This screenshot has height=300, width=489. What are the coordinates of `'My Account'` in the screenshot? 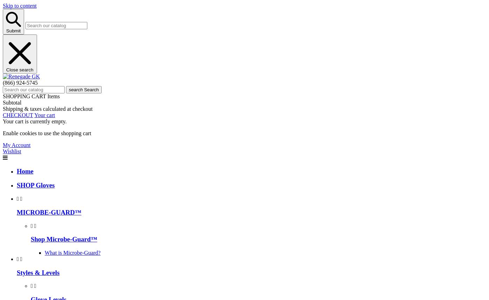 It's located at (2, 145).